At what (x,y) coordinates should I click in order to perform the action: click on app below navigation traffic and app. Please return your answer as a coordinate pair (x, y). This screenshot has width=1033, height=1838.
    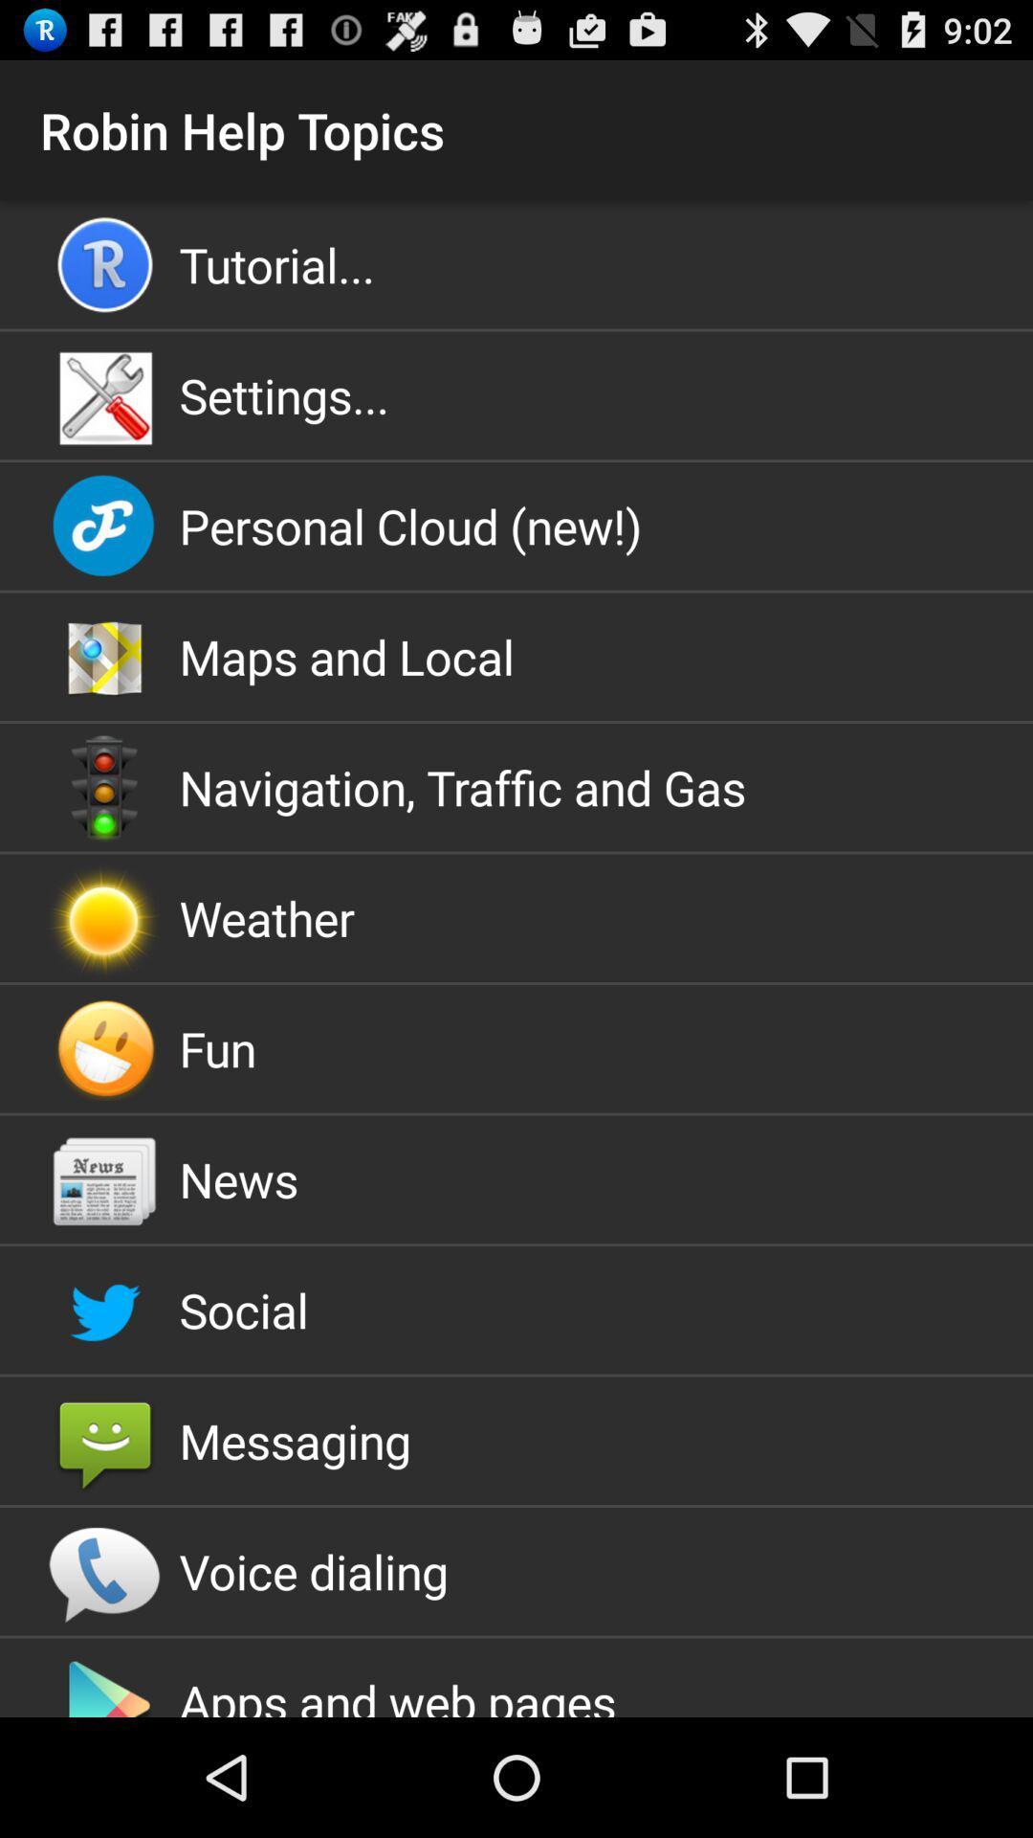
    Looking at the image, I should click on (516, 917).